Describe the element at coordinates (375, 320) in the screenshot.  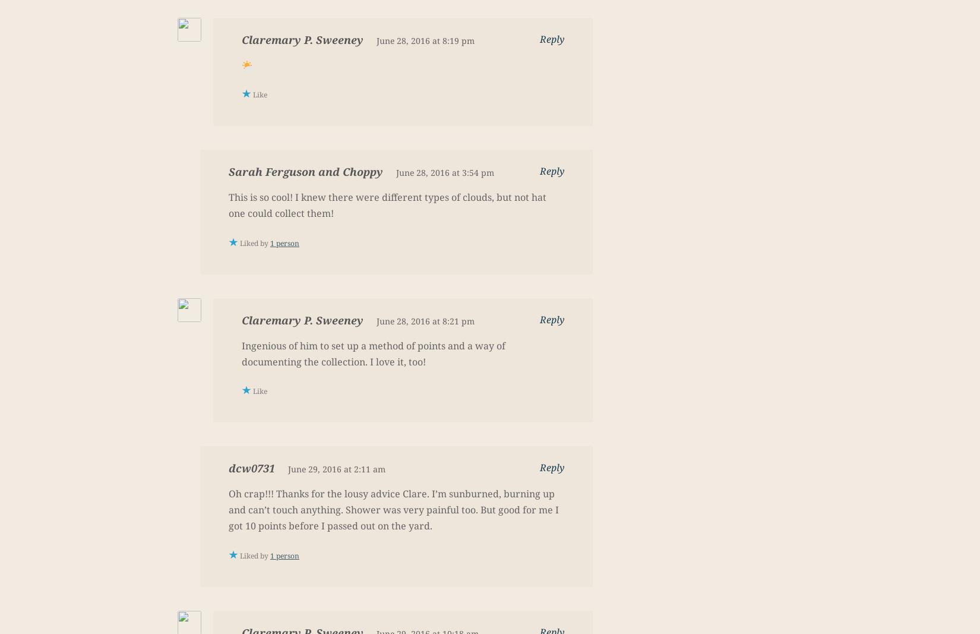
I see `'June 28, 2016 at 8:21 pm'` at that location.